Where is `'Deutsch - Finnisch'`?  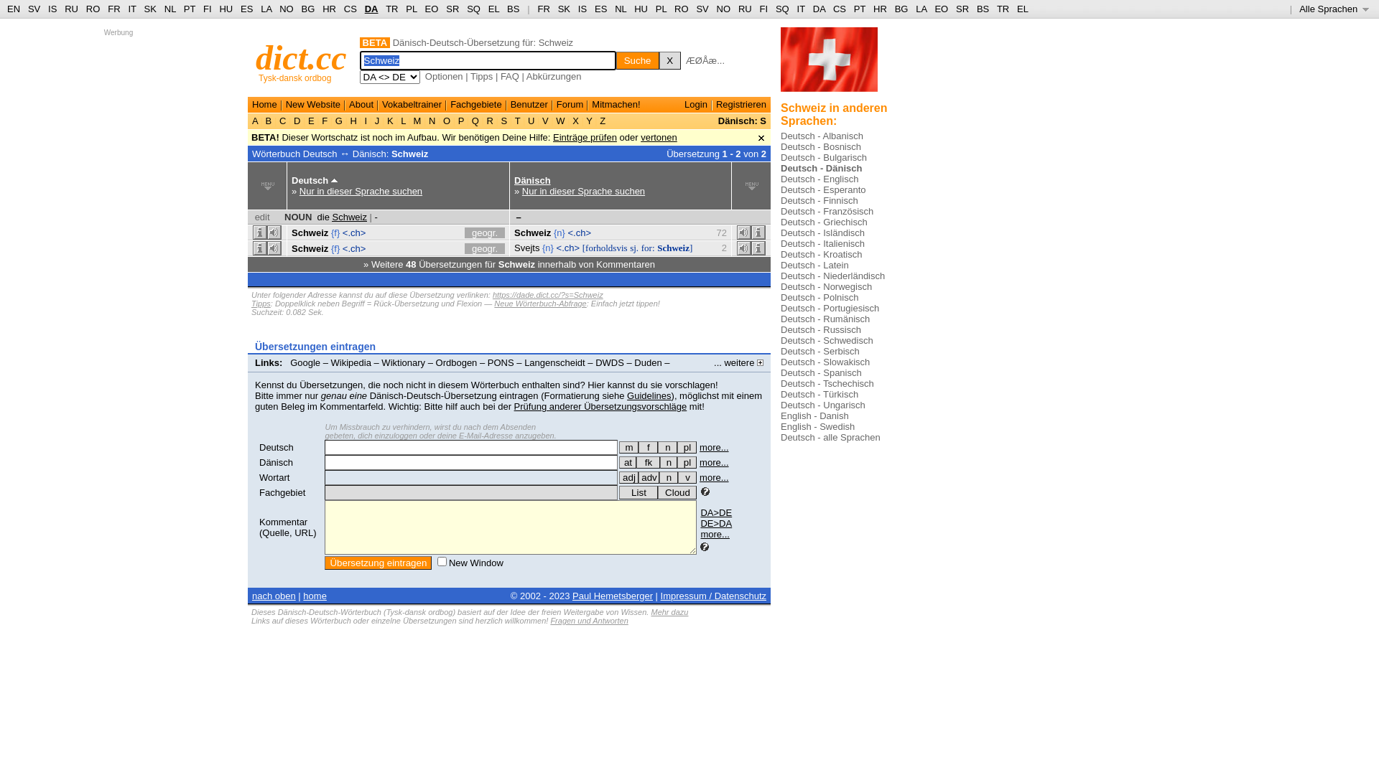
'Deutsch - Finnisch' is located at coordinates (779, 200).